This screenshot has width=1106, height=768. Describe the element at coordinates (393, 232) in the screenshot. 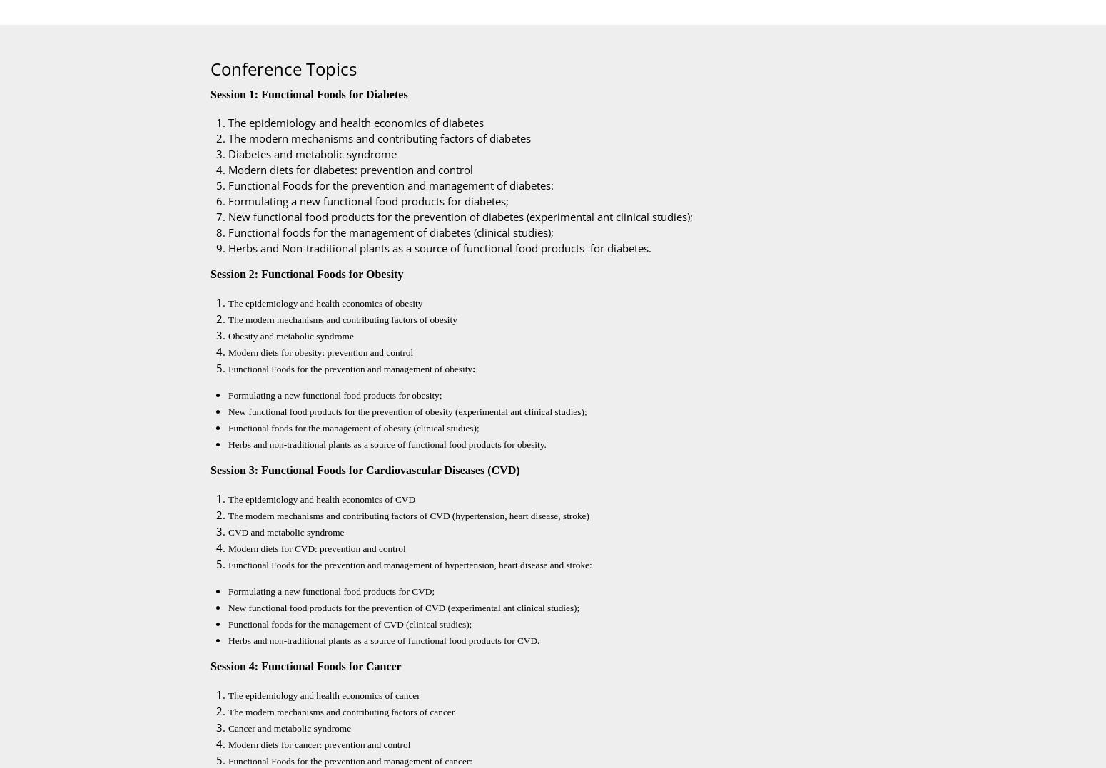

I see `'Functional foods for the management of diabetes (clinical studies);'` at that location.